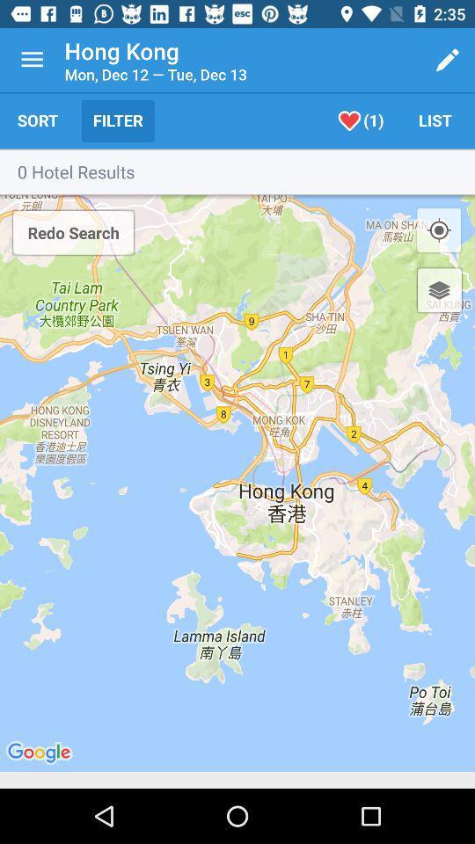 This screenshot has height=844, width=475. Describe the element at coordinates (438, 290) in the screenshot. I see `the layers icon` at that location.